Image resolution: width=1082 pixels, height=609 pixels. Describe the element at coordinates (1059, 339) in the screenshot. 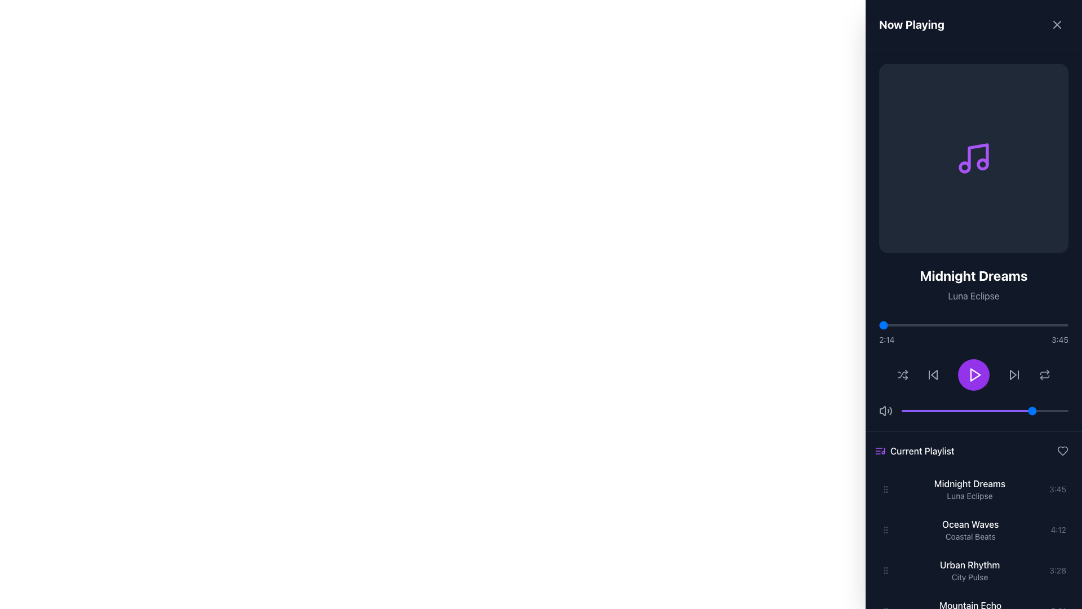

I see `the text label displaying the total duration of the currently playing media, which shows '2:14' and is located at the right end of the time display bar` at that location.